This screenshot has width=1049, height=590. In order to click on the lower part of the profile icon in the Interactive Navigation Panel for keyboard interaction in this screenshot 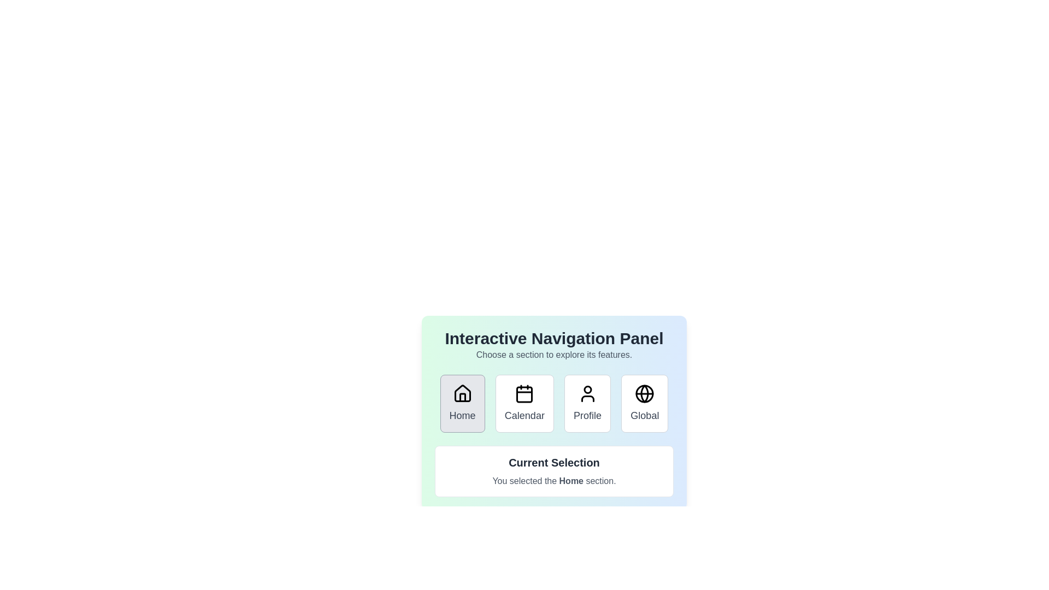, I will do `click(587, 398)`.